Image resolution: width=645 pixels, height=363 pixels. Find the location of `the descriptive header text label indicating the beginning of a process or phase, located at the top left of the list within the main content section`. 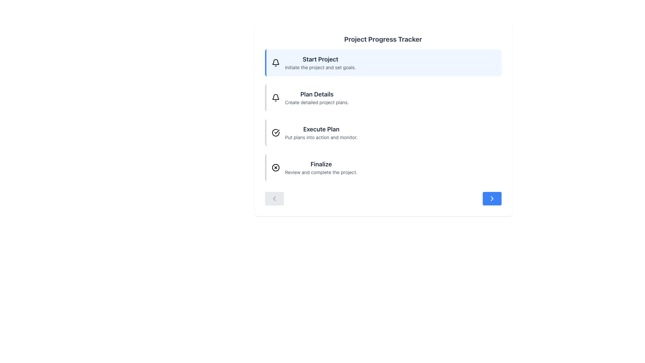

the descriptive header text label indicating the beginning of a process or phase, located at the top left of the list within the main content section is located at coordinates (320, 59).